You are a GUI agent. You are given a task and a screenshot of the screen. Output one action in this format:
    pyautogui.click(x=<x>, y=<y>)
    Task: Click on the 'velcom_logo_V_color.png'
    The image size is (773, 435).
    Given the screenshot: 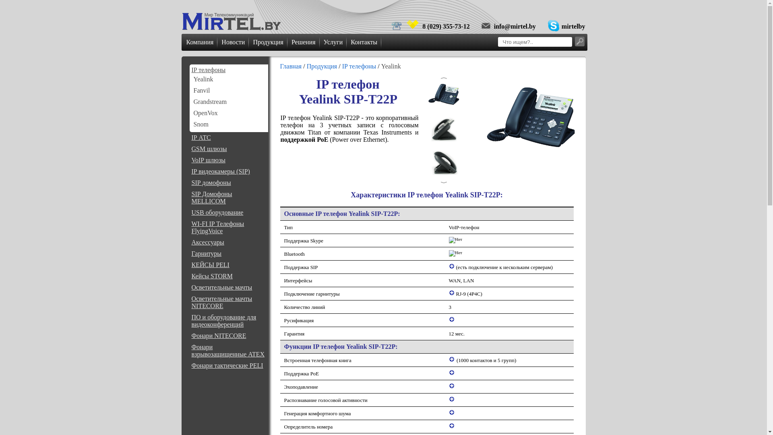 What is the action you would take?
    pyautogui.click(x=413, y=24)
    